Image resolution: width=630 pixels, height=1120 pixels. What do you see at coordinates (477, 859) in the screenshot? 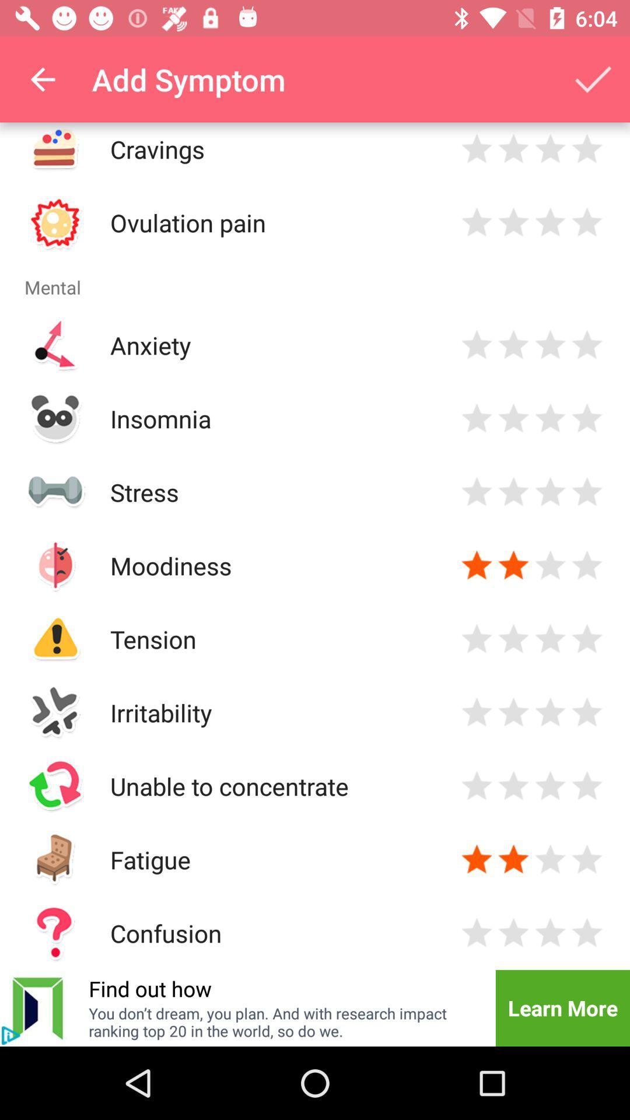
I see `rate 1 star` at bounding box center [477, 859].